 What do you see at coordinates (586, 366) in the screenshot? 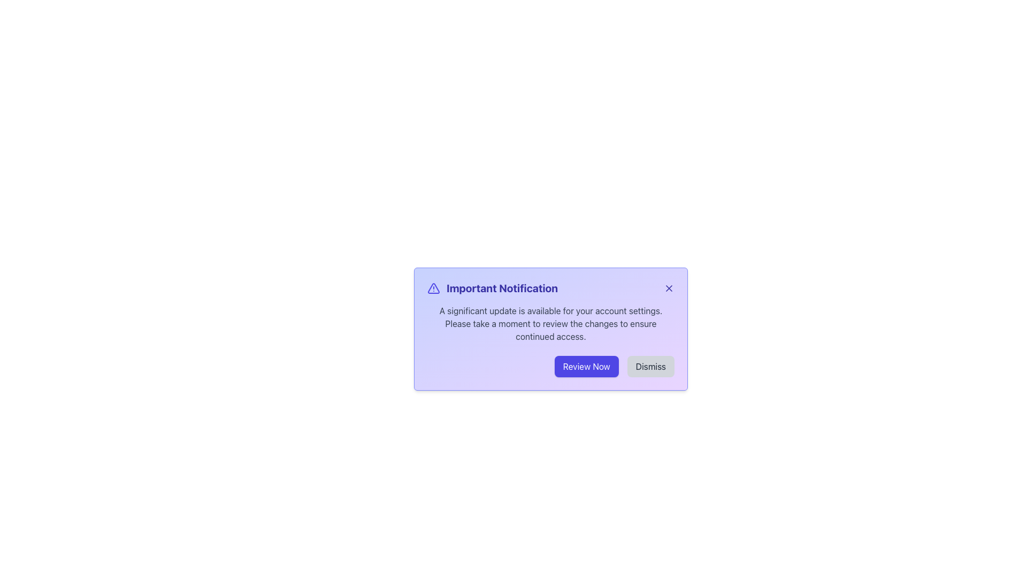
I see `the review button located in the notification modal to change its appearance` at bounding box center [586, 366].